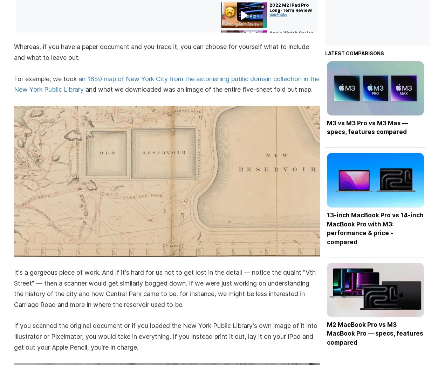  I want to click on 'Whereas, if you have a paper document and you trace it, you can choose for yourself what to include and what to leave out.', so click(161, 52).